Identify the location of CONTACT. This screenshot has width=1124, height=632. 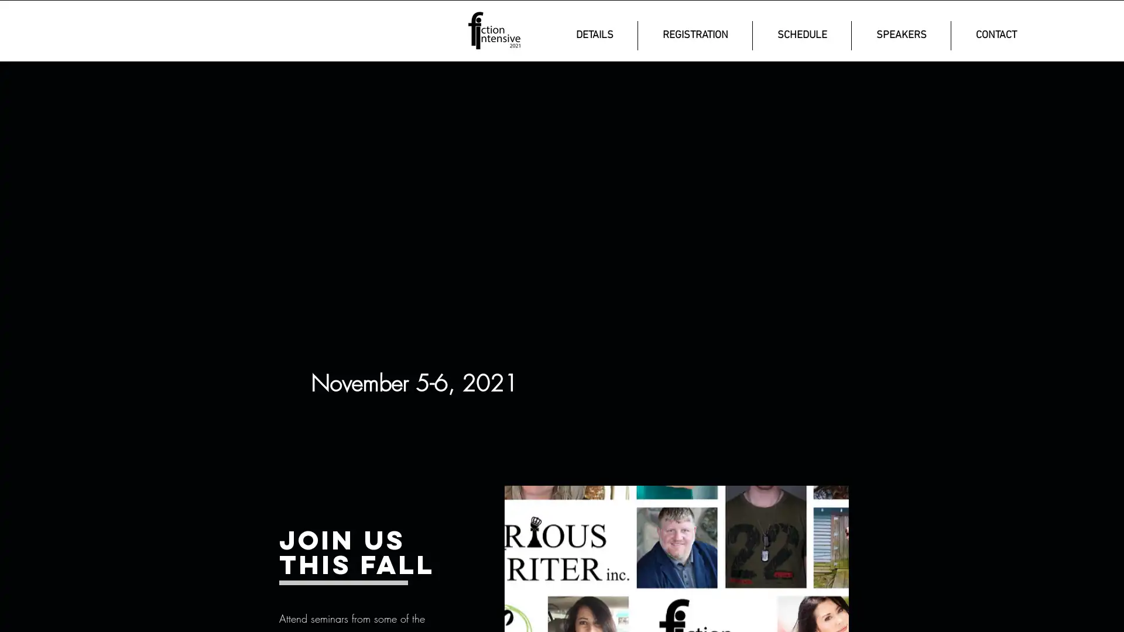
(995, 35).